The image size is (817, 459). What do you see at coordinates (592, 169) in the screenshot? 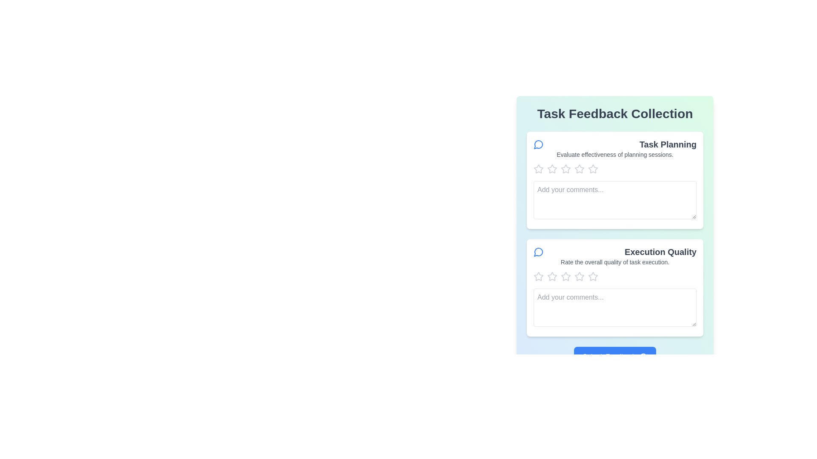
I see `the fourth star icon from the left in the rating section of the 'Task Planning' feedback area` at bounding box center [592, 169].